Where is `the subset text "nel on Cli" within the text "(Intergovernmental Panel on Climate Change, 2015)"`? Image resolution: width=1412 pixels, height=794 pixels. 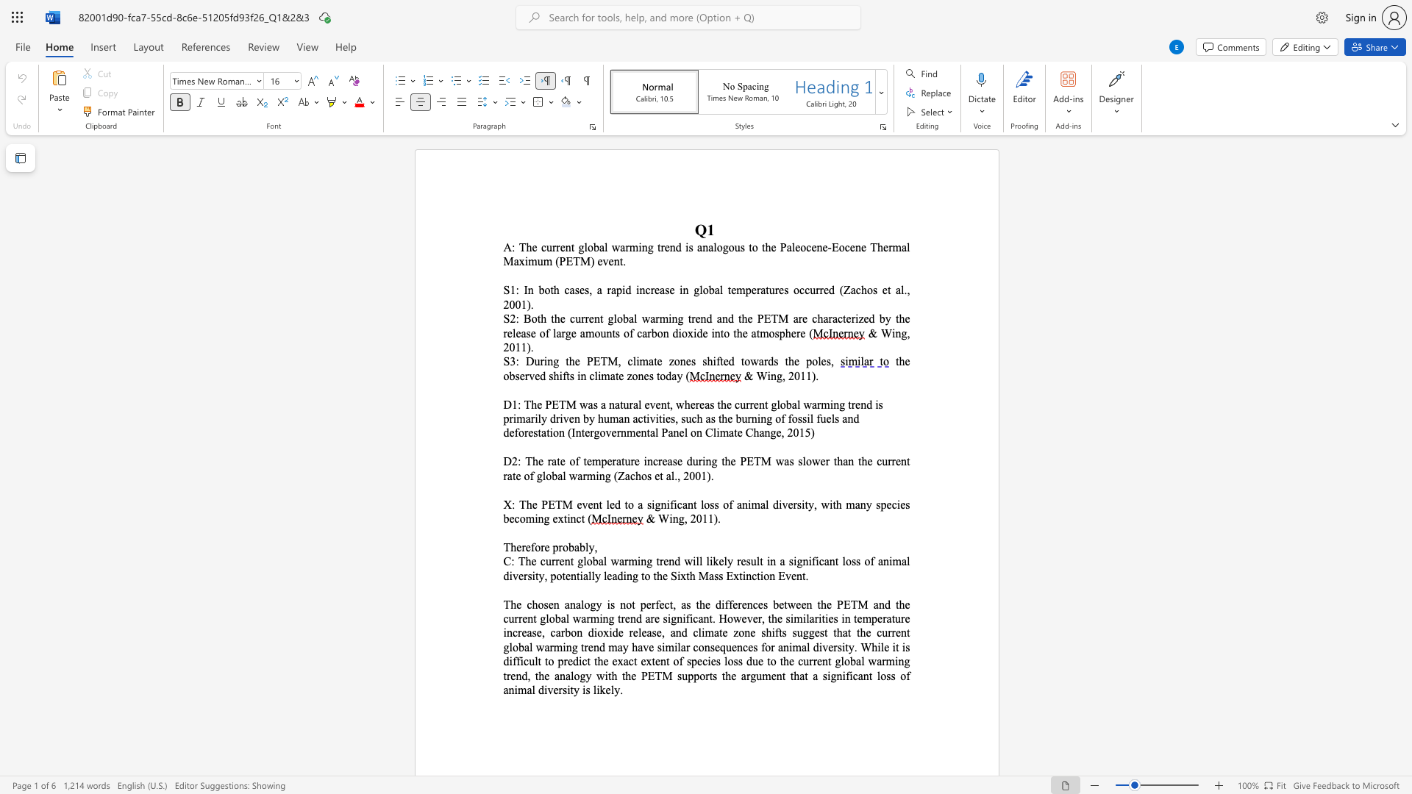 the subset text "nel on Cli" within the text "(Intergovernmental Panel on Climate Change, 2015)" is located at coordinates (672, 432).